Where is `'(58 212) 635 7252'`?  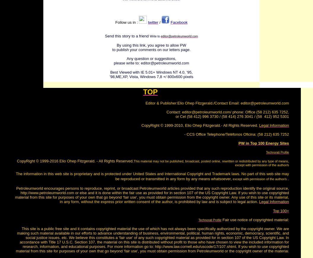
'(58 212) 635 7252' is located at coordinates (272, 112).